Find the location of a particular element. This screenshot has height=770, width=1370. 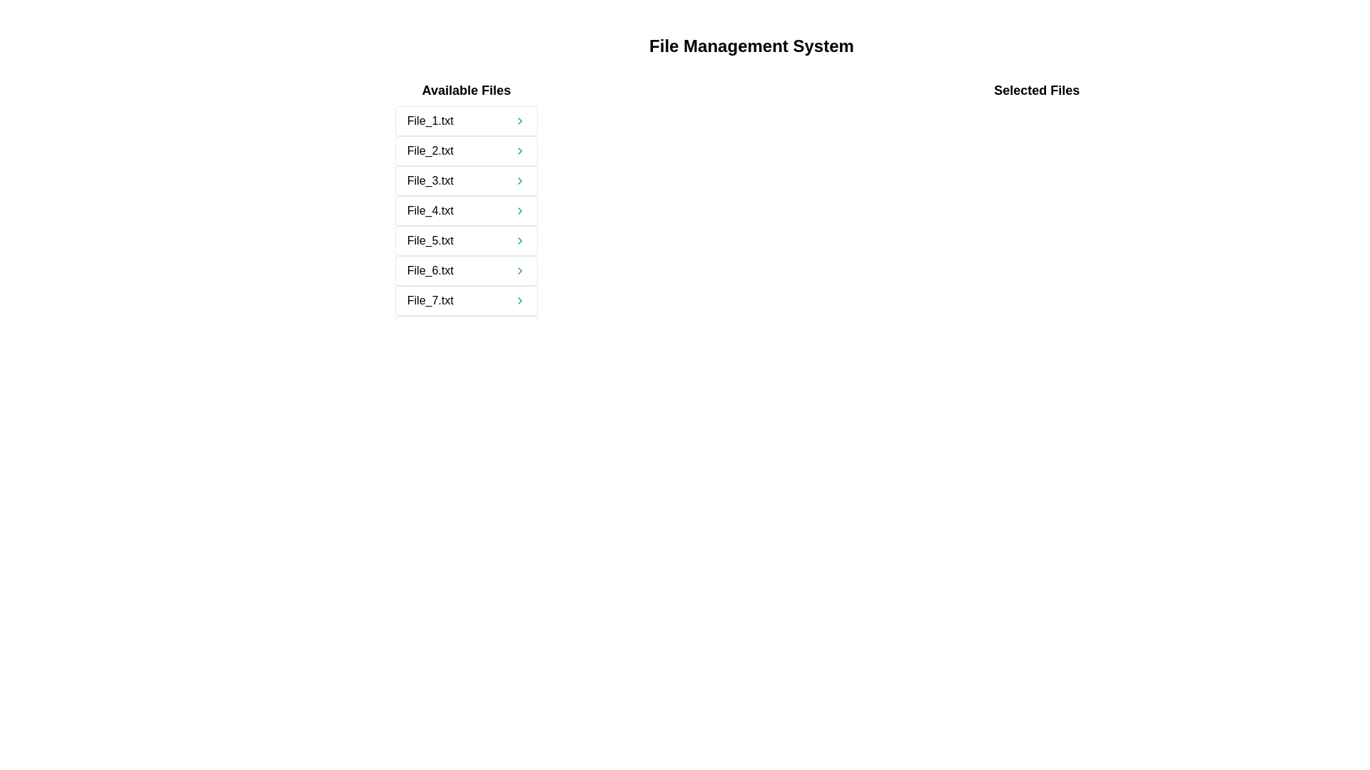

the static text heading that labels the list of available files, located at the top of the list and centered above it is located at coordinates (466, 91).